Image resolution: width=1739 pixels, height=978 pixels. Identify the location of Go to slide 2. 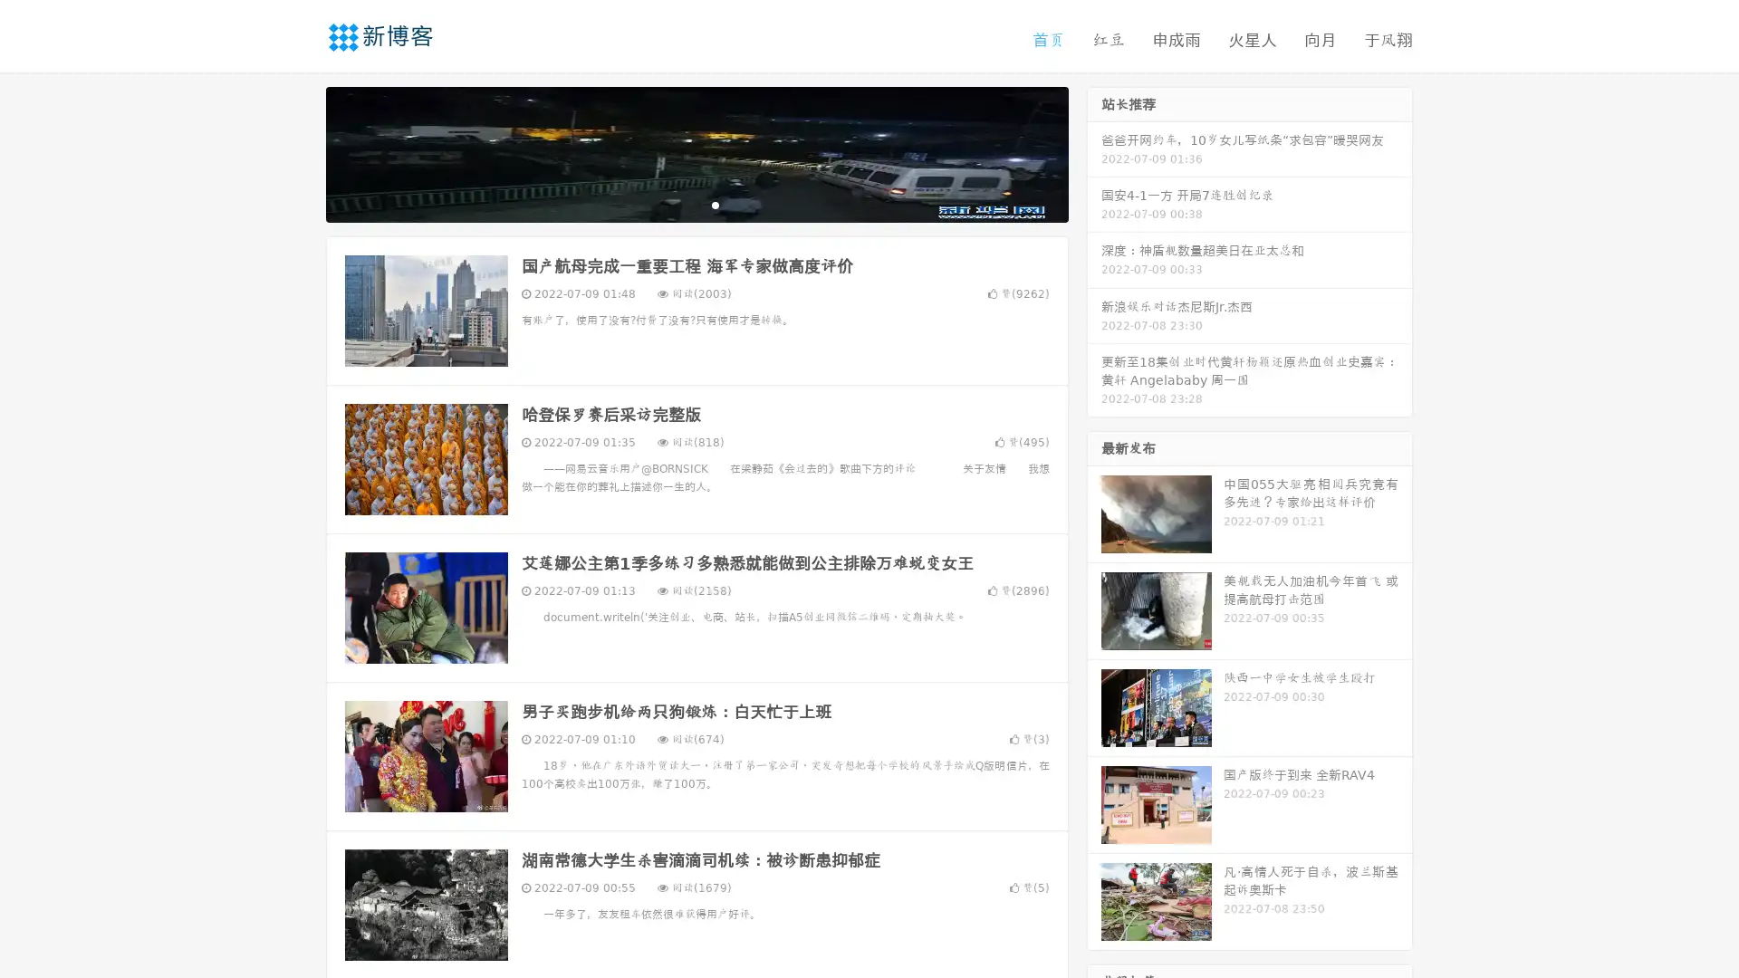
(696, 204).